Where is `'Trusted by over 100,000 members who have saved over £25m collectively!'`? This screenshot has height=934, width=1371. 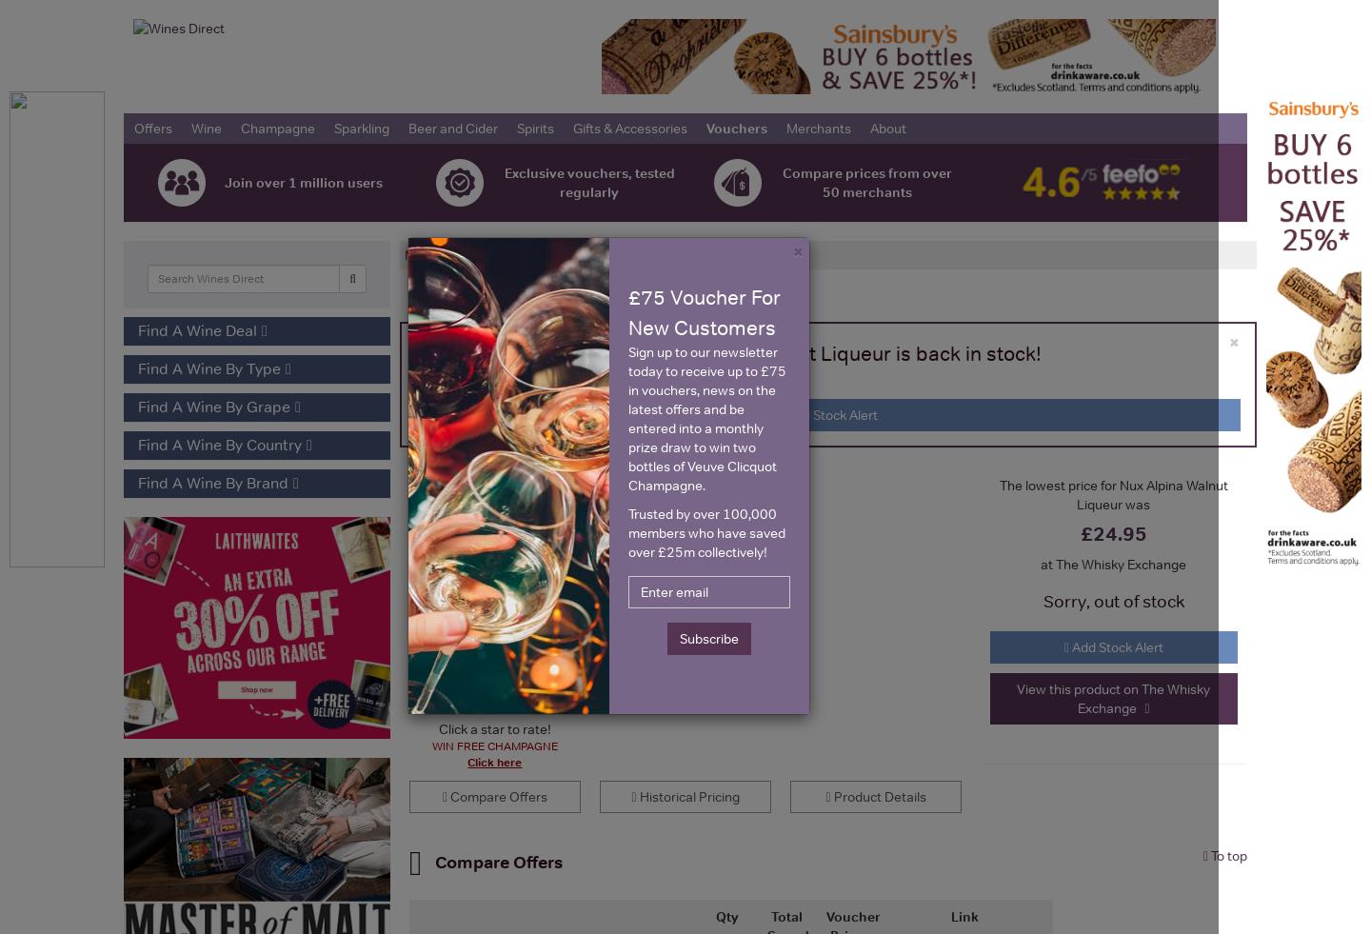 'Trusted by over 100,000 members who have saved over £25m collectively!' is located at coordinates (705, 532).